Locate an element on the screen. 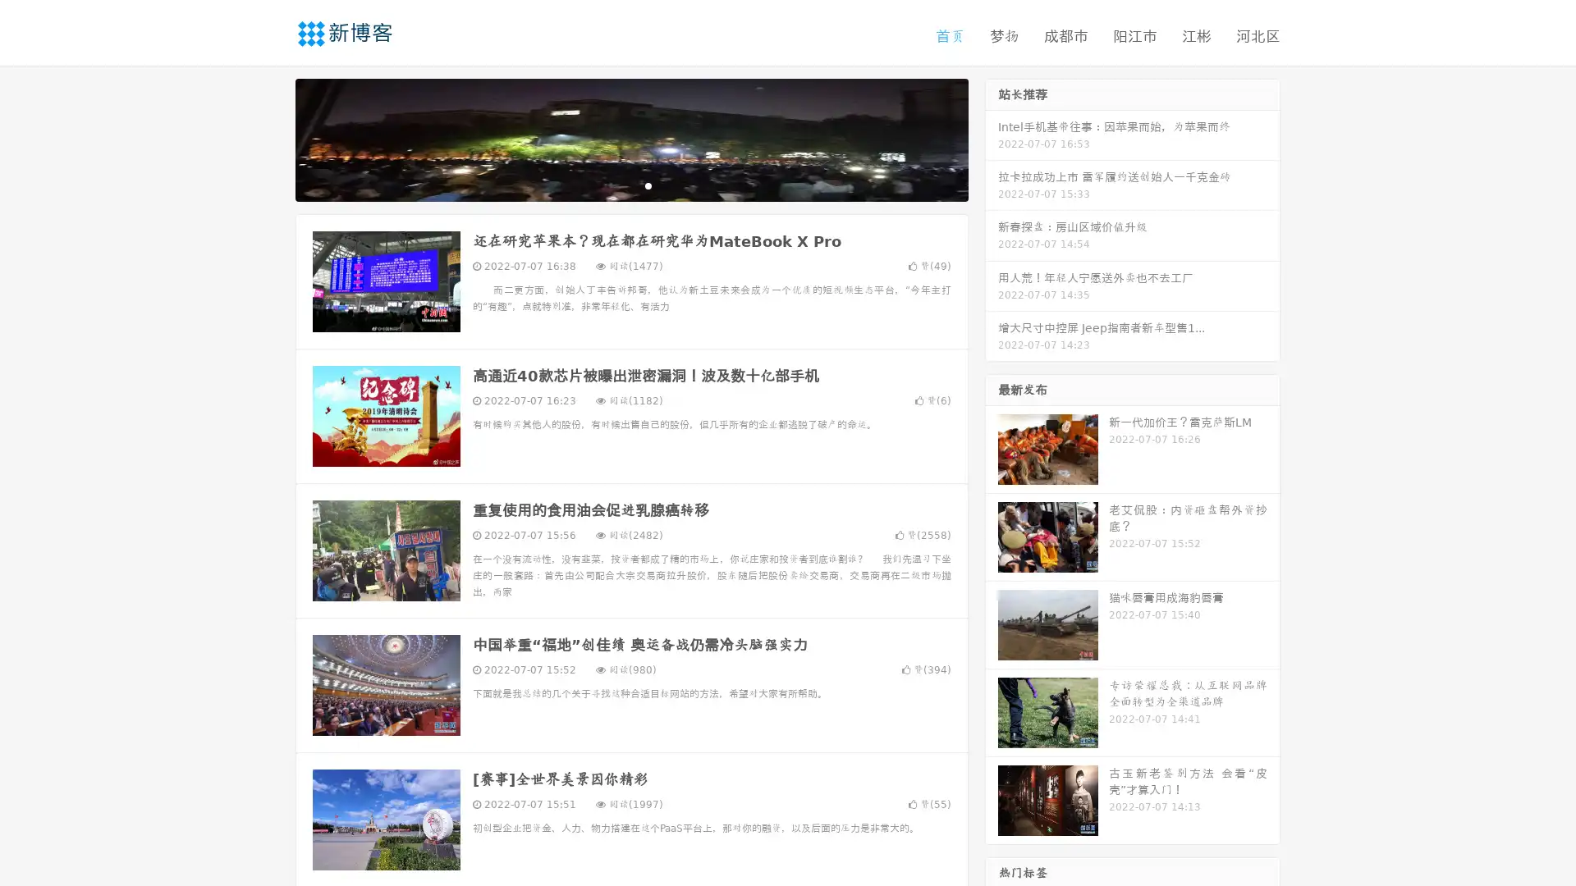  Go to slide 2 is located at coordinates (630, 185).